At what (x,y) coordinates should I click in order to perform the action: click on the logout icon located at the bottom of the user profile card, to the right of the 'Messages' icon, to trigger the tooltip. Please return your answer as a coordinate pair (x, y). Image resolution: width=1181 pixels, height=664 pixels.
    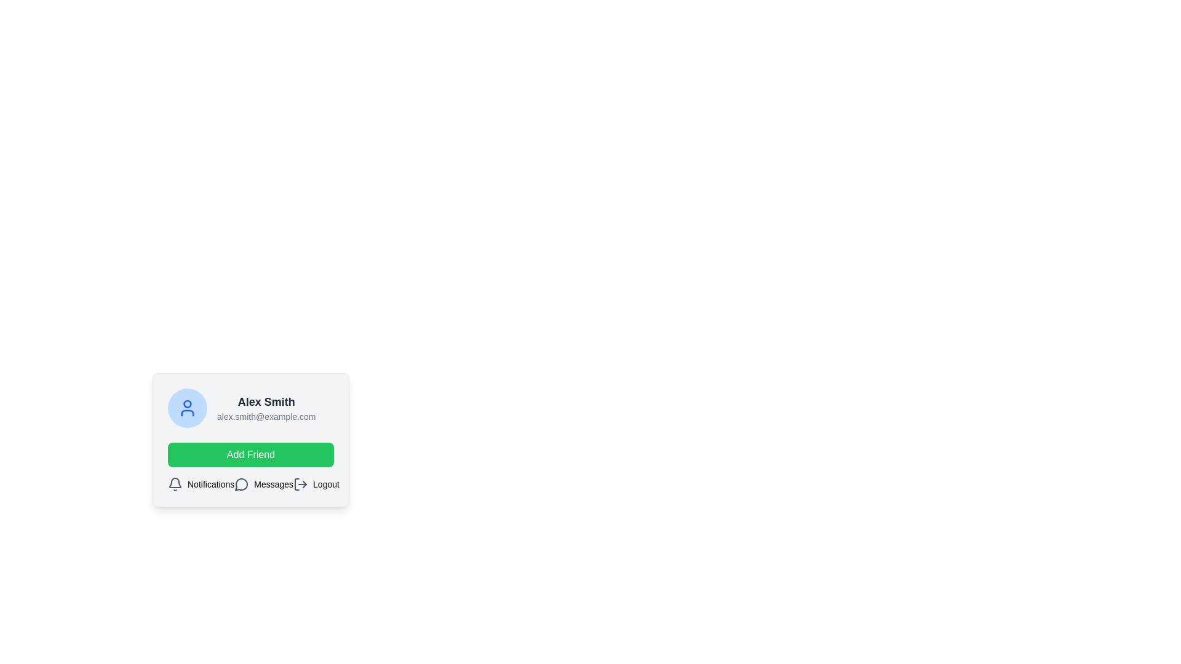
    Looking at the image, I should click on (301, 483).